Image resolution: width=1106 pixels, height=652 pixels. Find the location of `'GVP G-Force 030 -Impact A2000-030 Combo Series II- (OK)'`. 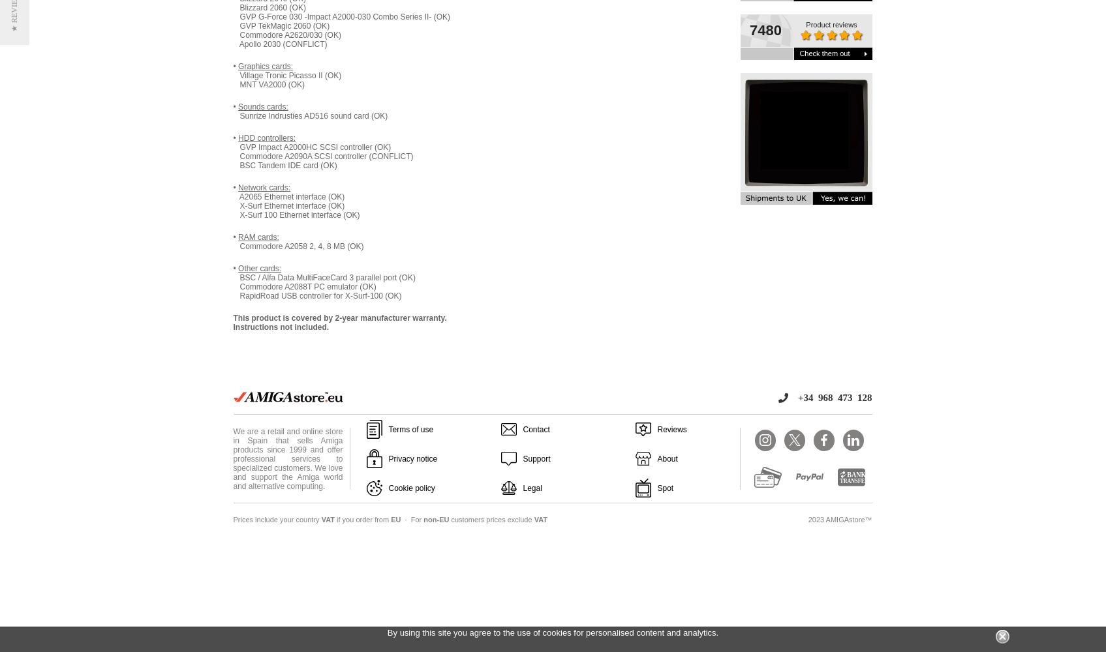

'GVP G-Force 030 -Impact A2000-030 Combo Series II- (OK)' is located at coordinates (341, 17).